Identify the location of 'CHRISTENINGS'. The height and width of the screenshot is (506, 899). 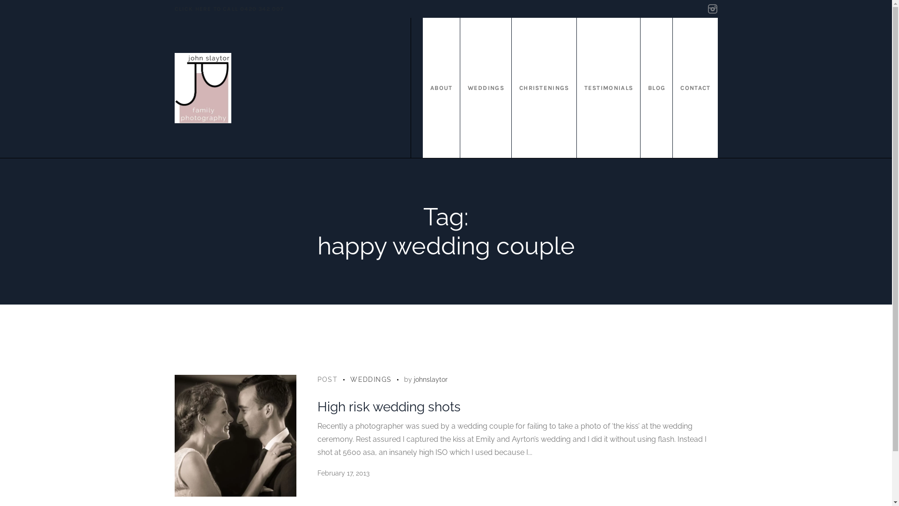
(544, 88).